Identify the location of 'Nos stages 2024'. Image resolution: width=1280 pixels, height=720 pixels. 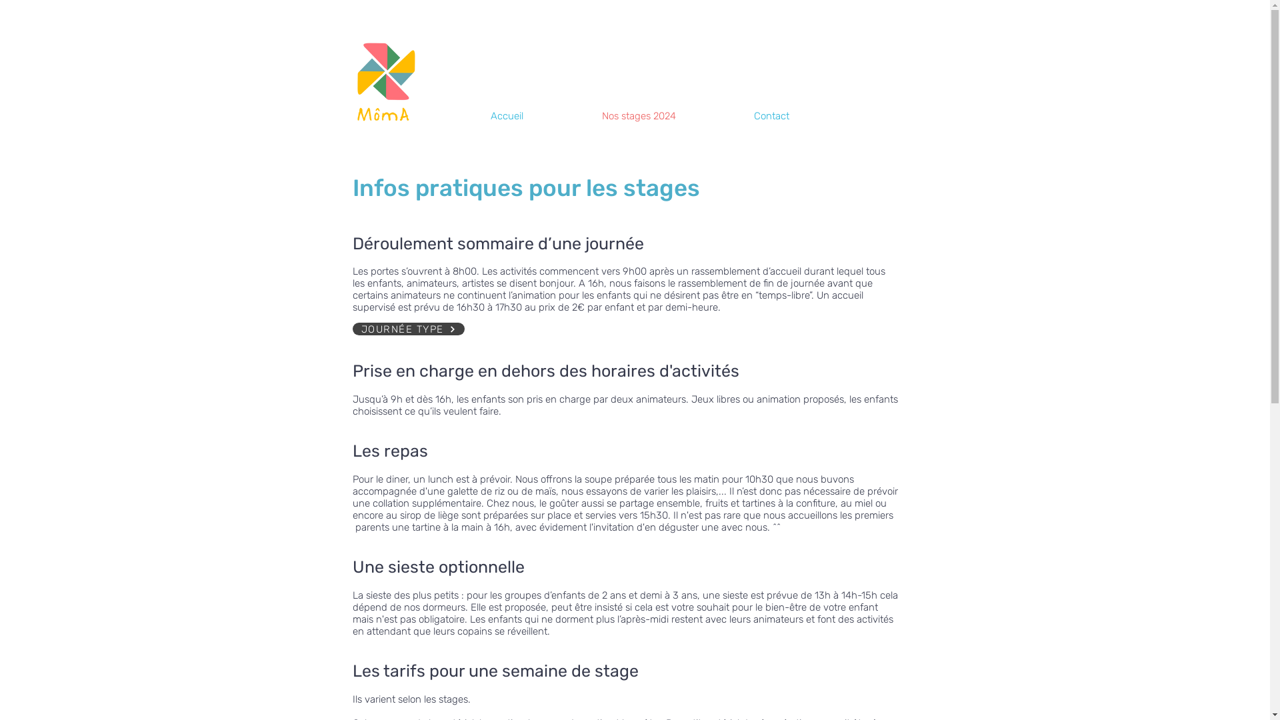
(668, 115).